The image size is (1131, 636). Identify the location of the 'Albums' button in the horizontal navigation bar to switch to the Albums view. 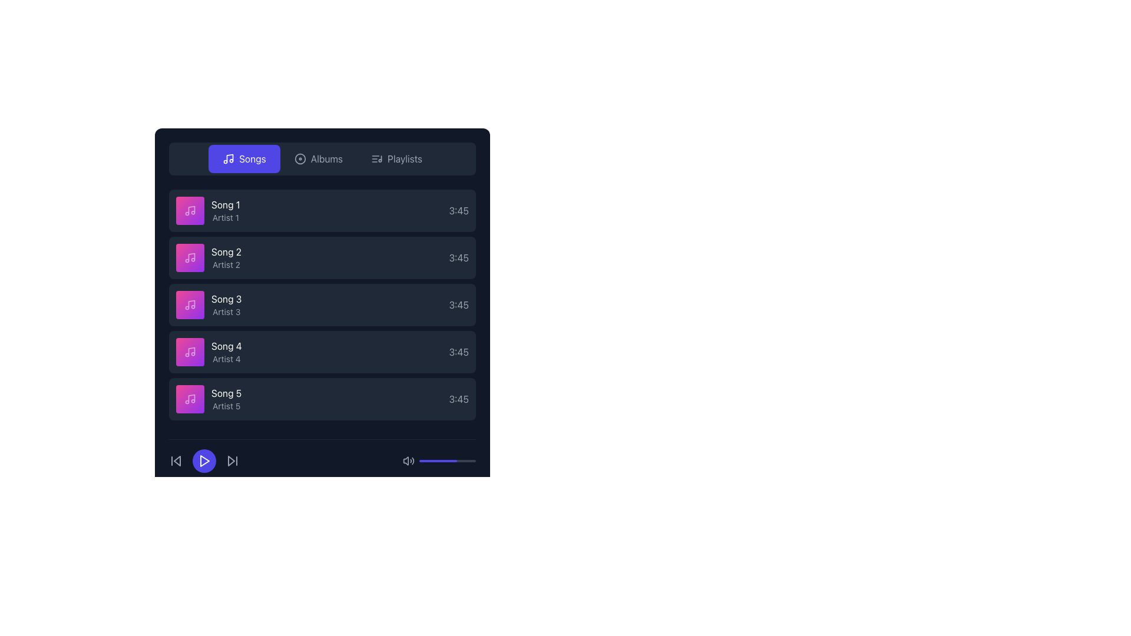
(318, 159).